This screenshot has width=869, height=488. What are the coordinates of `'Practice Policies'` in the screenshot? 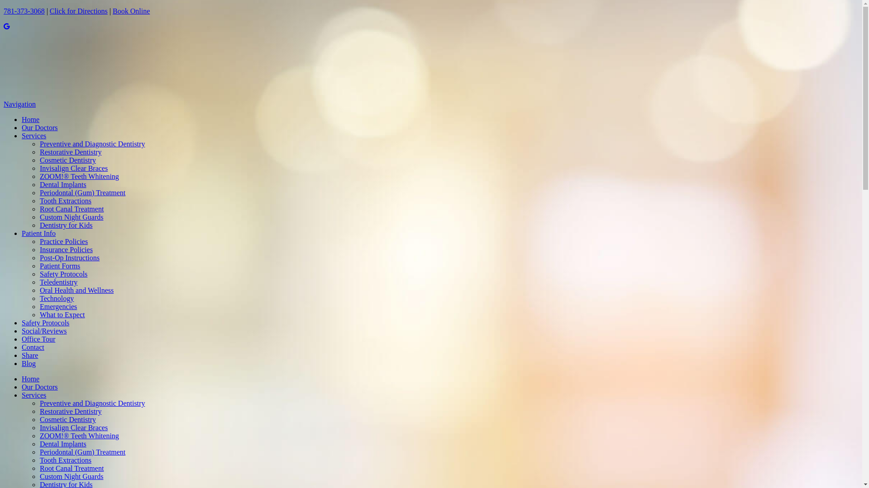 It's located at (63, 241).